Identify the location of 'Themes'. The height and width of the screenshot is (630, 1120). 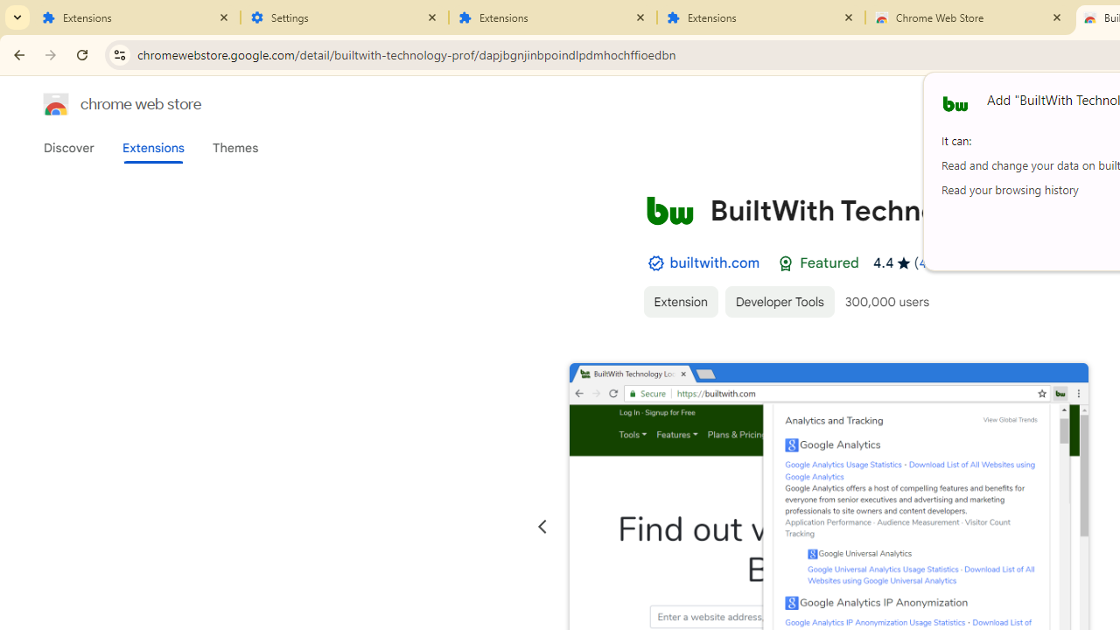
(234, 147).